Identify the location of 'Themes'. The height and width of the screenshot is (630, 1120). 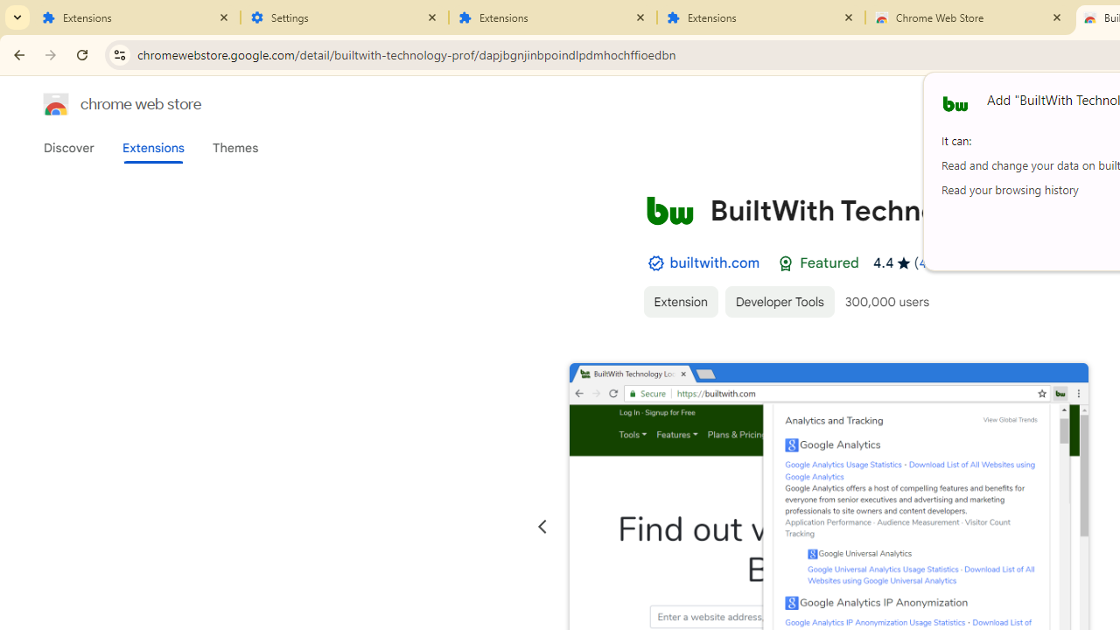
(234, 147).